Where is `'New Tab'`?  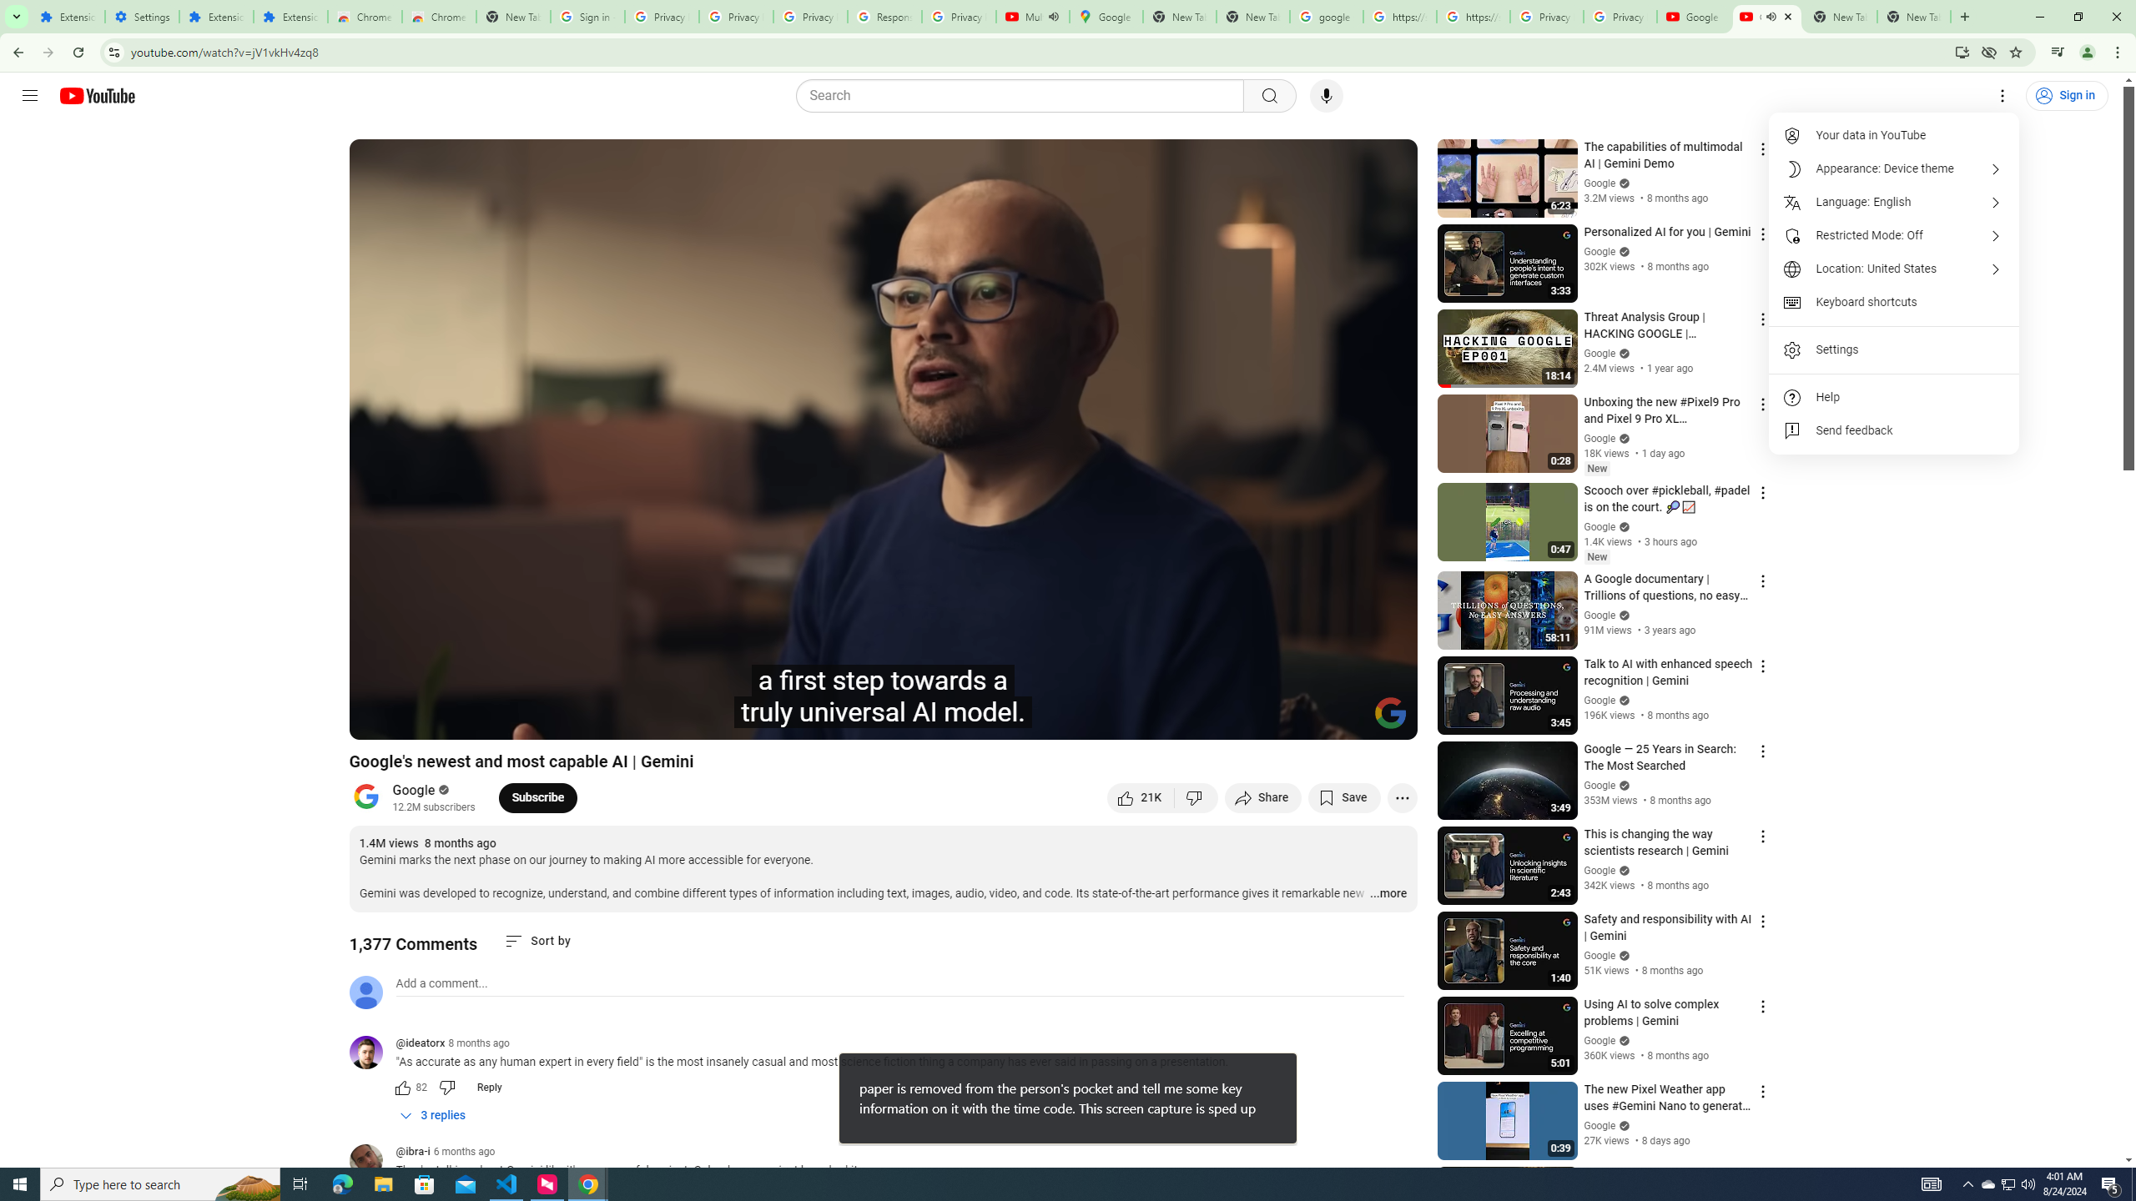
'New Tab' is located at coordinates (1912, 16).